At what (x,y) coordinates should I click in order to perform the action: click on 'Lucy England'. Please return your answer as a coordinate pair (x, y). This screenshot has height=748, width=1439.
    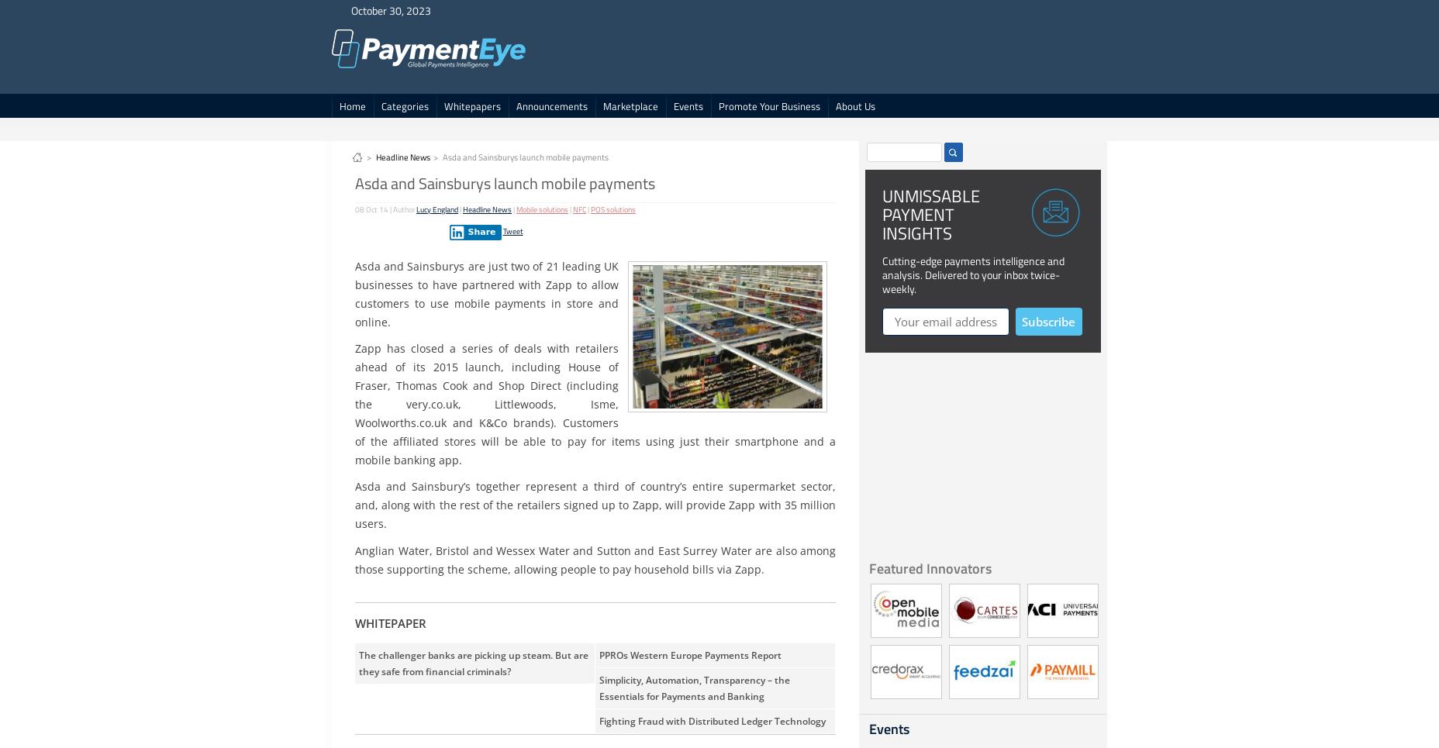
    Looking at the image, I should click on (437, 209).